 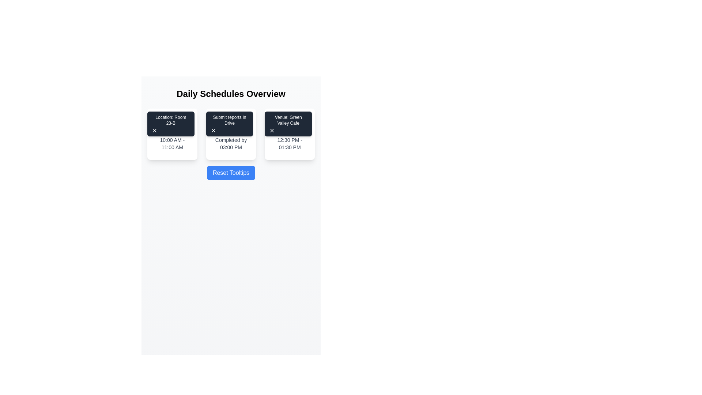 What do you see at coordinates (229, 124) in the screenshot?
I see `the informational card displaying the message 'Submit reports in Drive'` at bounding box center [229, 124].